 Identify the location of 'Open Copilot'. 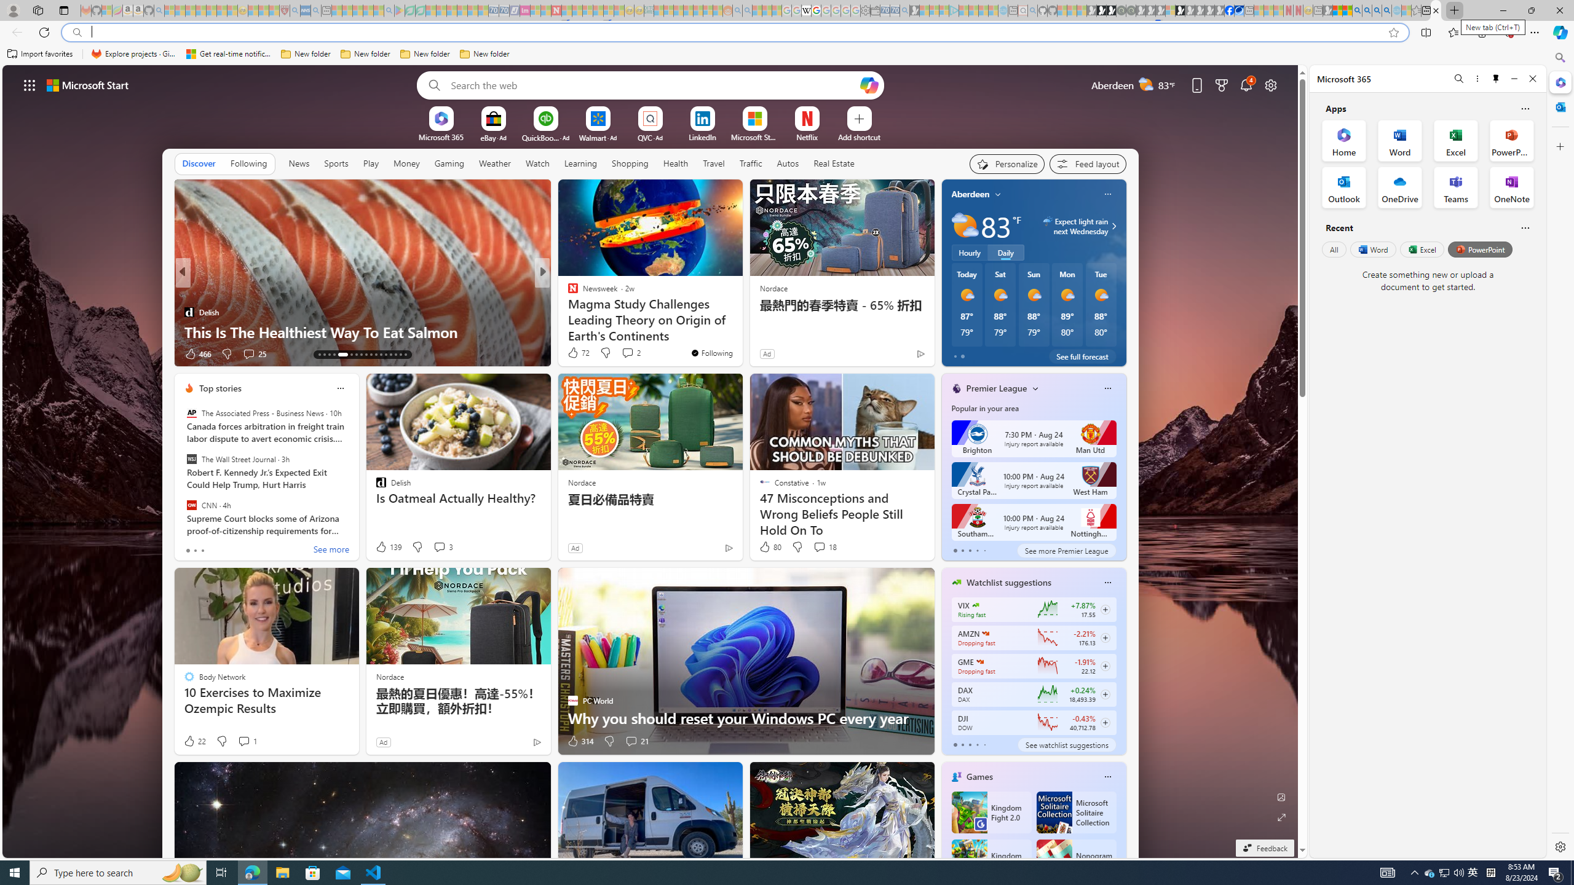
(869, 84).